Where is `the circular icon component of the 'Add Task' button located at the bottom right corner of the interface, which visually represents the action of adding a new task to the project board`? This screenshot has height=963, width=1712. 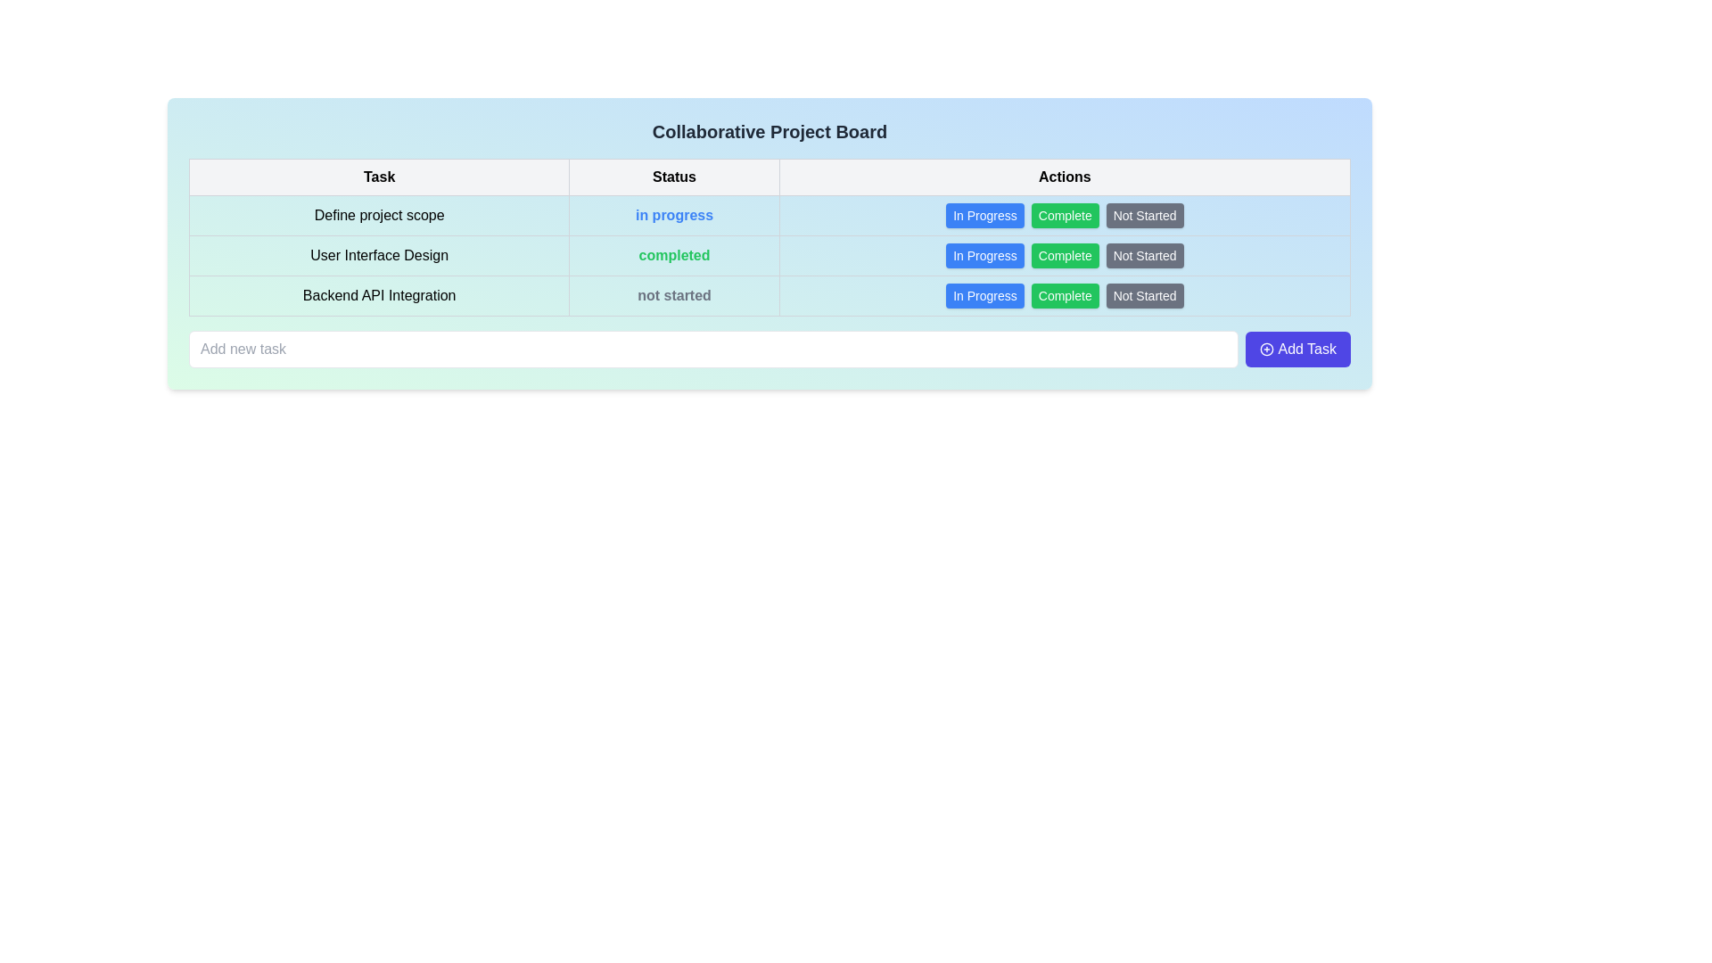 the circular icon component of the 'Add Task' button located at the bottom right corner of the interface, which visually represents the action of adding a new task to the project board is located at coordinates (1266, 350).